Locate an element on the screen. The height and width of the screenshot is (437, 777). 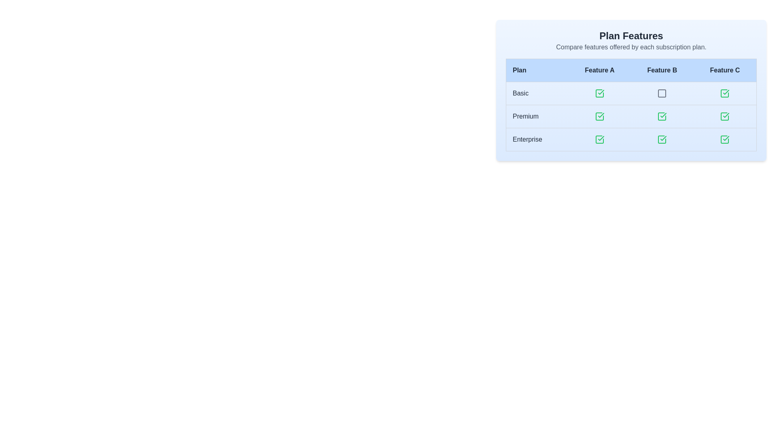
the third row of the pricing comparison table that displays information about the Enterprise plan is located at coordinates (631, 139).